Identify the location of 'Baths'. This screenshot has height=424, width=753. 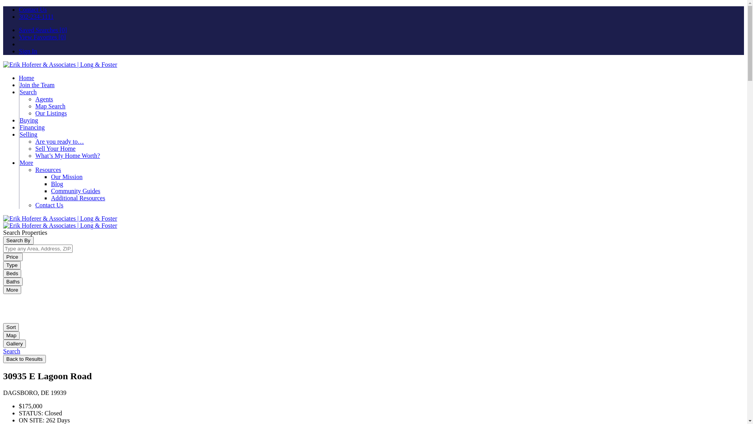
(13, 281).